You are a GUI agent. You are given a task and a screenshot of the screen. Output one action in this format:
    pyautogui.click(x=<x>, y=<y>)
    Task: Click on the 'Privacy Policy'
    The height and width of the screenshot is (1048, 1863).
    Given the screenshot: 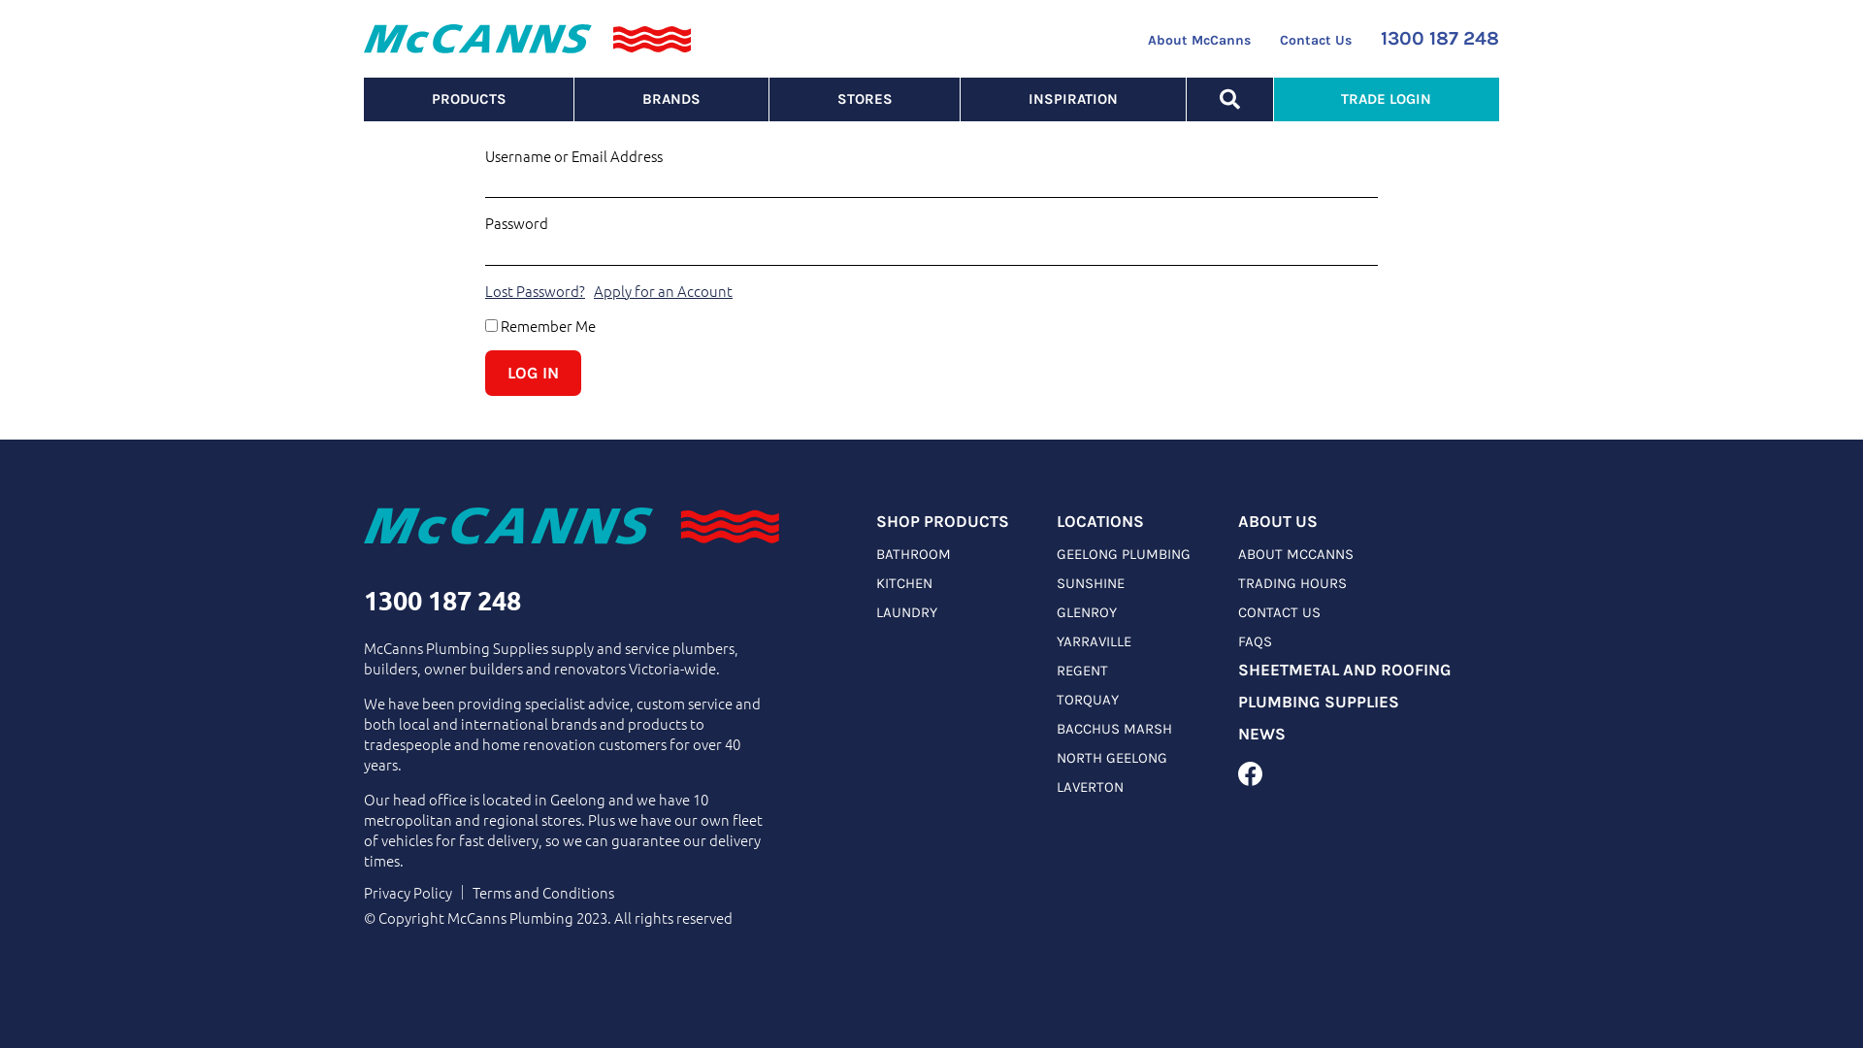 What is the action you would take?
    pyautogui.click(x=407, y=892)
    